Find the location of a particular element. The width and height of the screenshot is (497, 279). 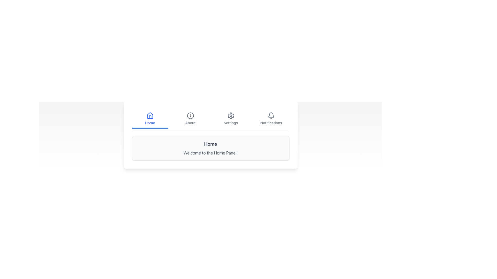

the Notifications button located on the rightmost side of the navigation bar to trigger any hover effects is located at coordinates (271, 119).